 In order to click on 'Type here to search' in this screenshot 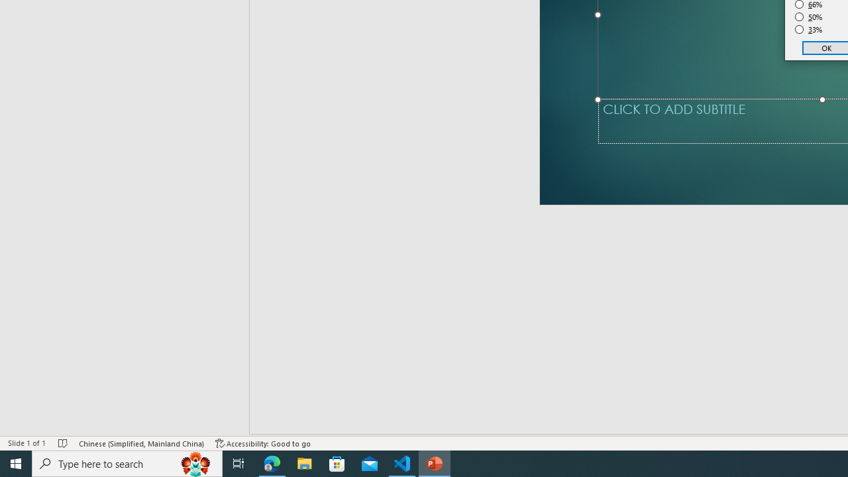, I will do `click(127, 462)`.